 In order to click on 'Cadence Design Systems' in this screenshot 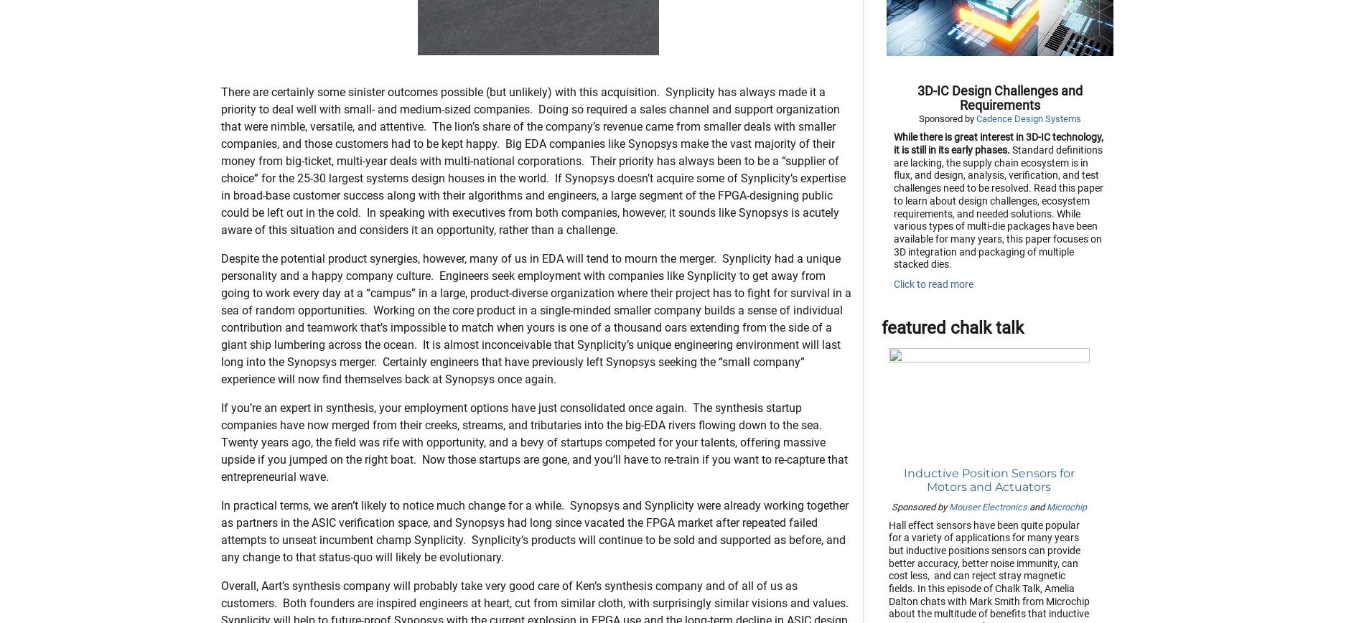, I will do `click(975, 190)`.